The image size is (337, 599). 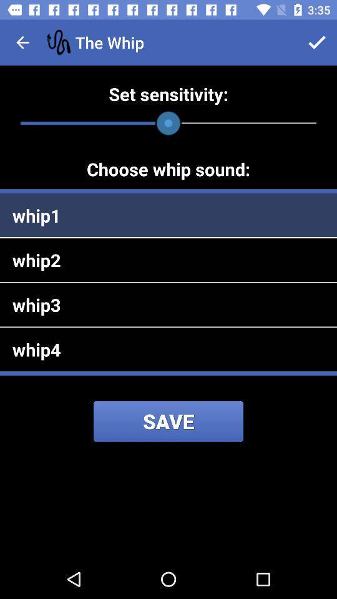 What do you see at coordinates (317, 42) in the screenshot?
I see `the icon next to the the whip icon` at bounding box center [317, 42].